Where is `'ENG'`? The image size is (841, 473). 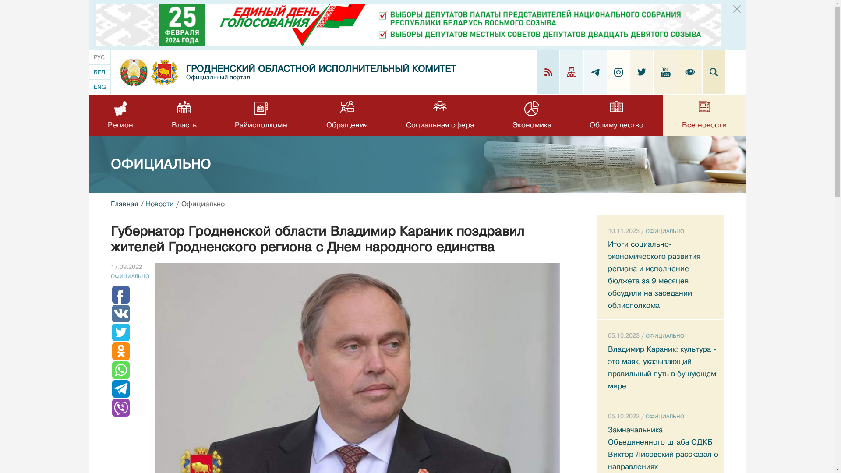 'ENG' is located at coordinates (99, 87).